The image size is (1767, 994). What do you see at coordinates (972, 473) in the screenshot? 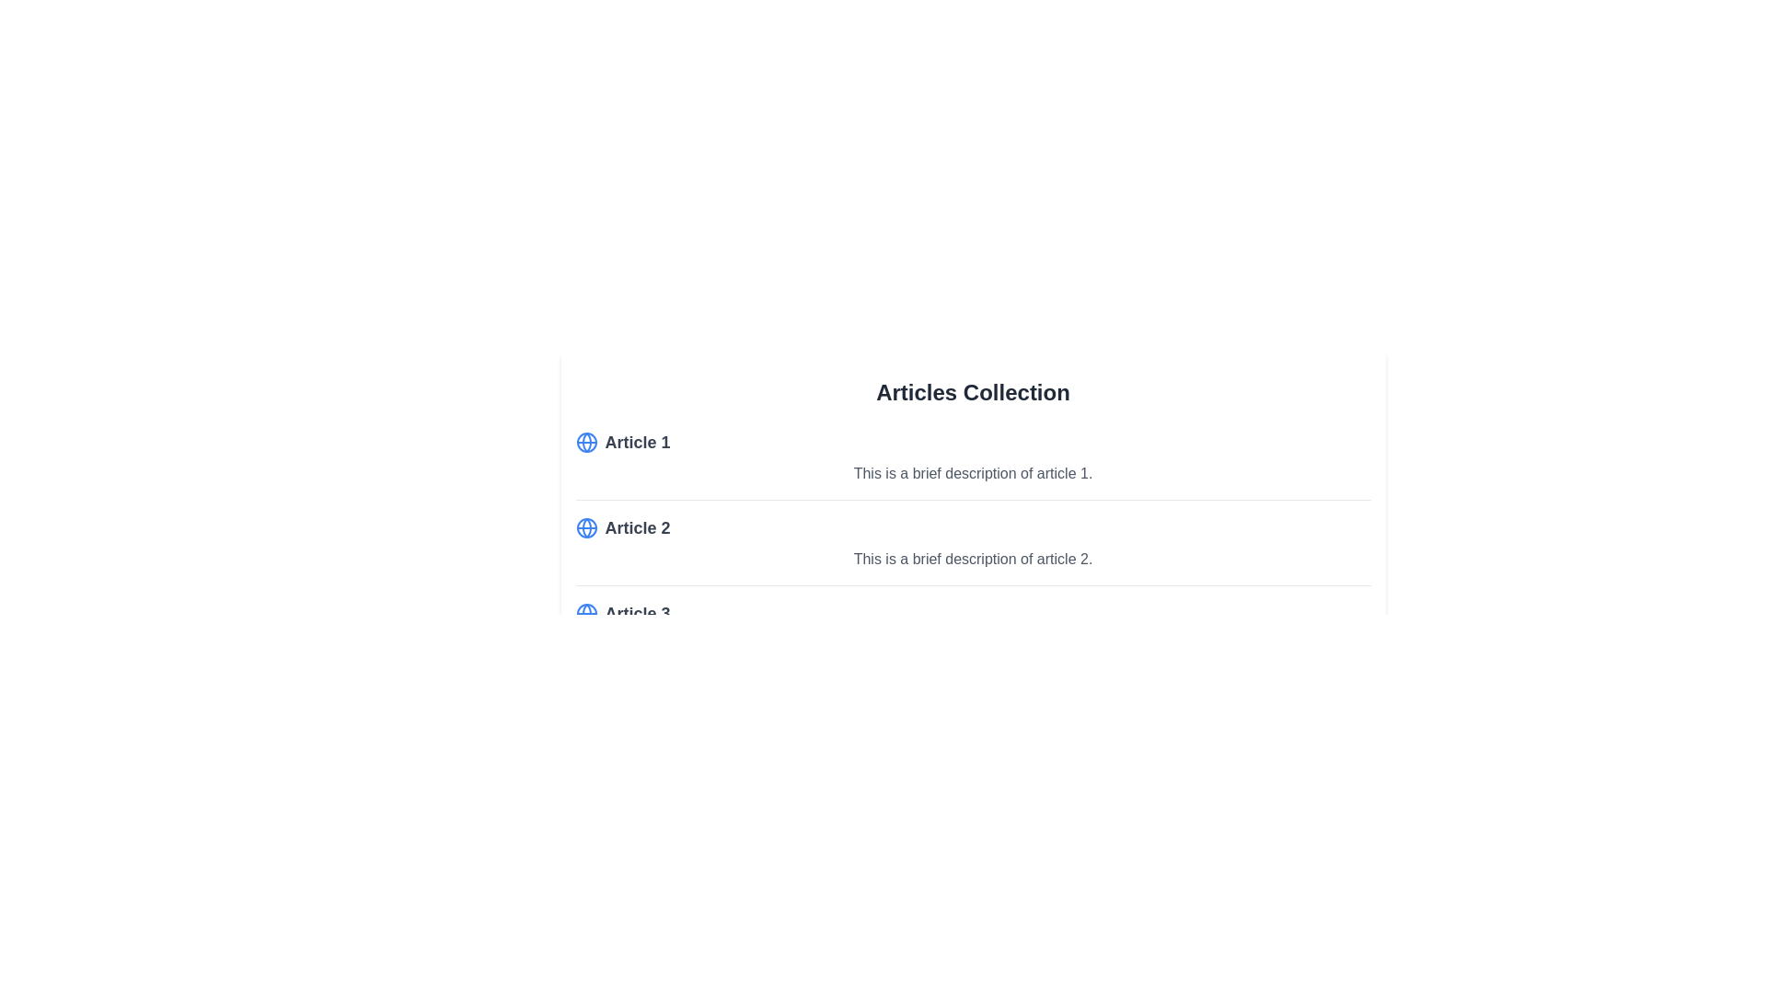
I see `the Text label that provides a short summary or description for 'Article 1', located directly below the header and aligned with the article title and icon` at bounding box center [972, 473].